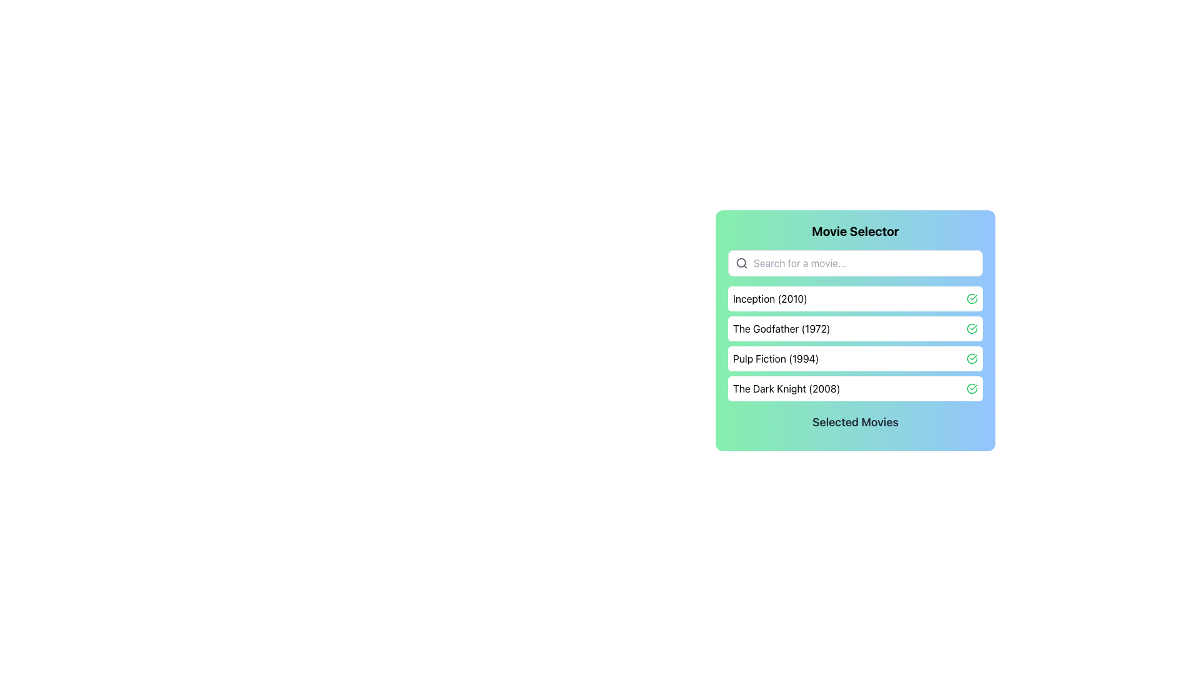 This screenshot has height=674, width=1199. I want to click on the selection icon located to the far right of the 'Pulp Fiction (1994)' item in the 'Movie Selector' interface to mark it as selected or complete, so click(971, 358).